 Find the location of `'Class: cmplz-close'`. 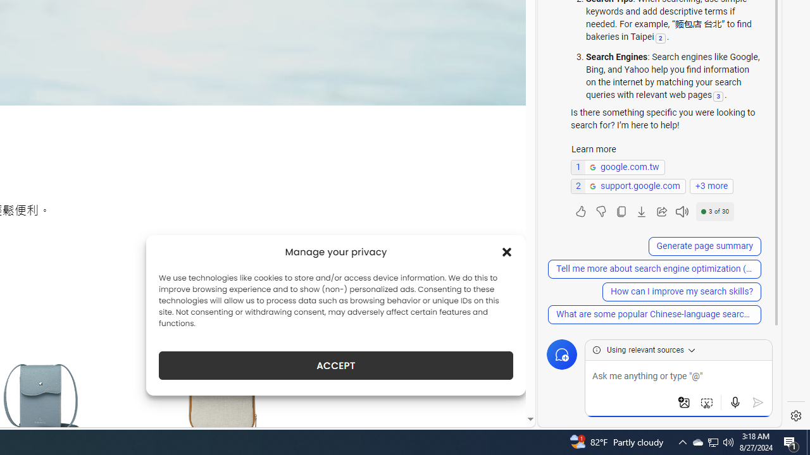

'Class: cmplz-close' is located at coordinates (507, 252).